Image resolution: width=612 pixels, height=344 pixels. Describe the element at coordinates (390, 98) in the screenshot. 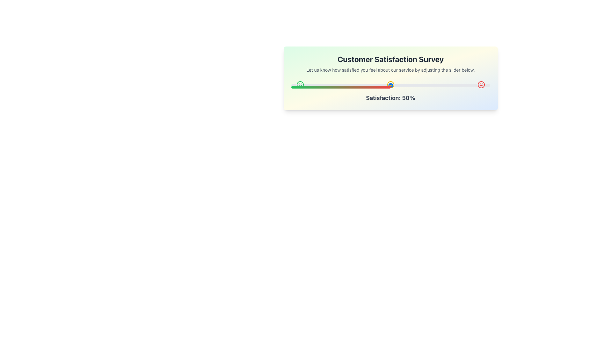

I see `the text element displaying 'Satisfaction: 50%' which is bold and gray, located beneath the slider in the 'Customer Satisfaction Survey' interface` at that location.